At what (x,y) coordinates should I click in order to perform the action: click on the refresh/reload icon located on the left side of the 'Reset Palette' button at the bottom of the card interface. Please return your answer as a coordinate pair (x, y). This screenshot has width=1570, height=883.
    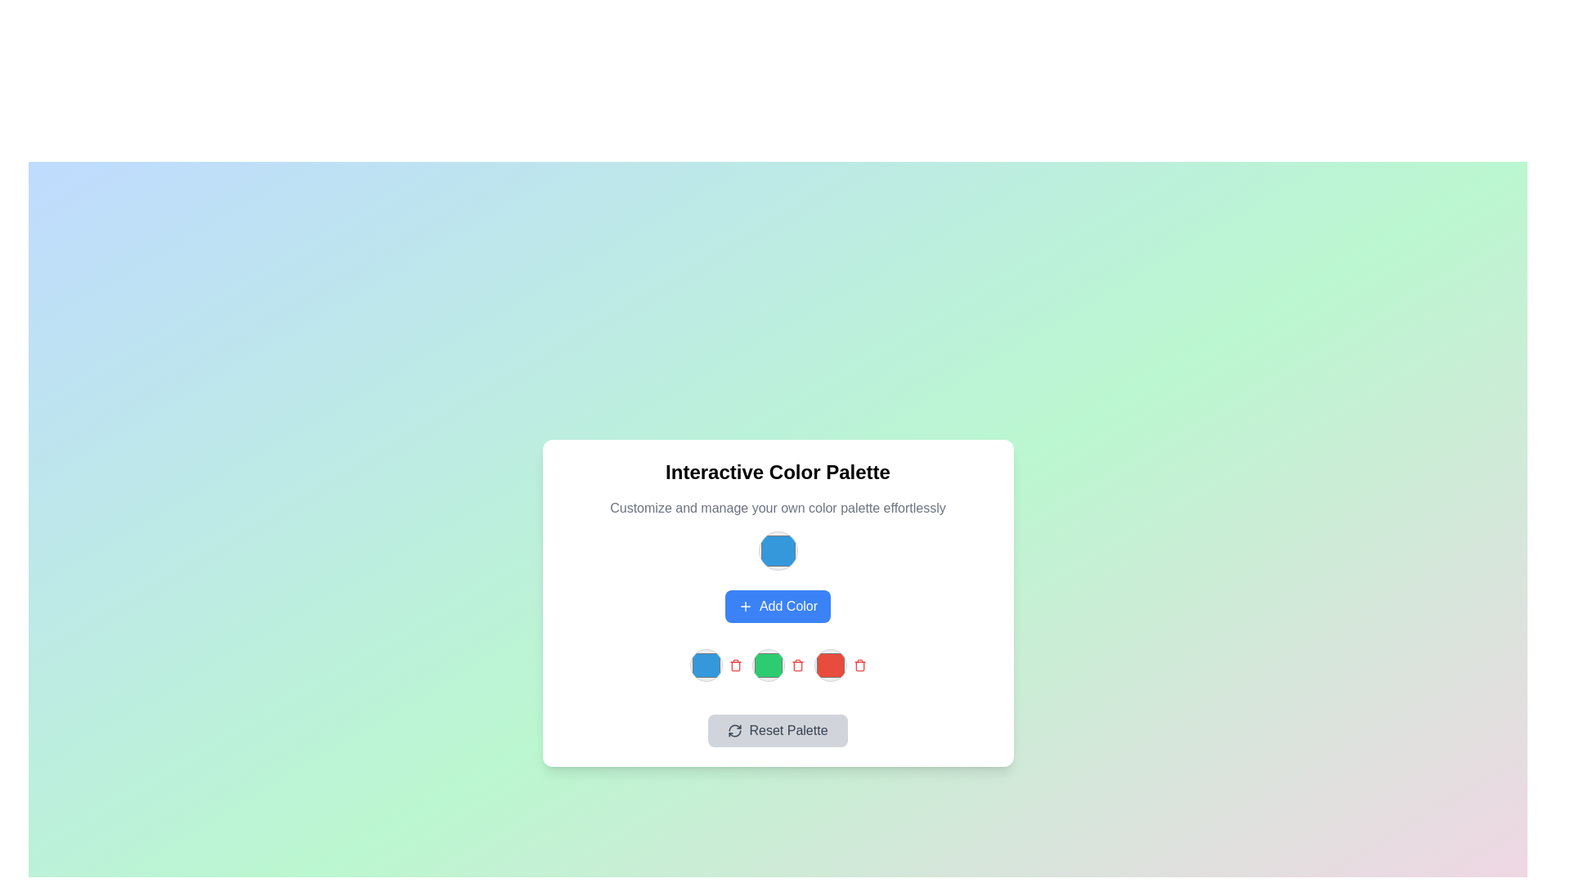
    Looking at the image, I should click on (734, 730).